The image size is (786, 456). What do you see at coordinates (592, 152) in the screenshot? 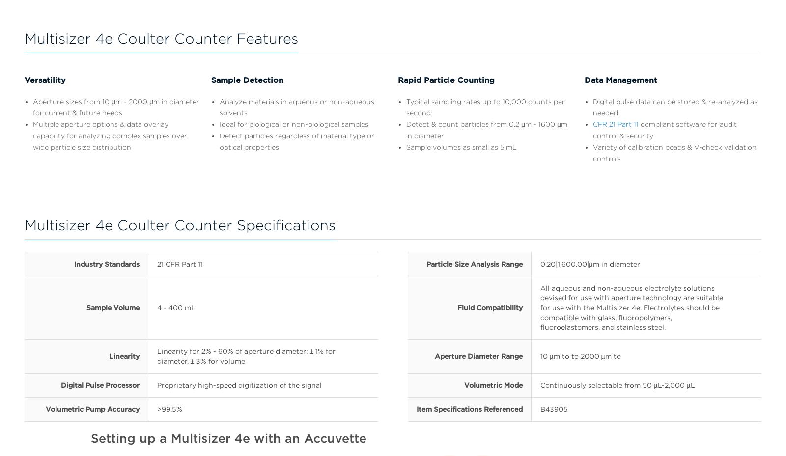
I see `'Variety of calibration beads & V-check validation controls'` at bounding box center [592, 152].